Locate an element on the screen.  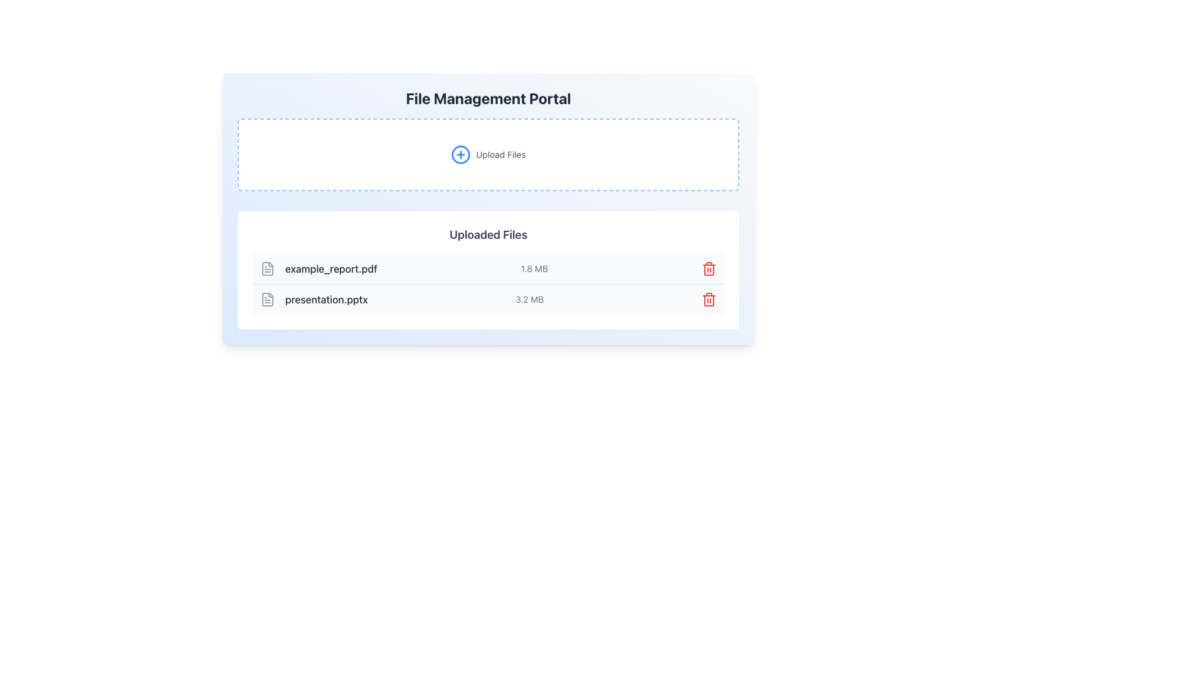
the delete button associated with the 'example_report.pdf' file entry is located at coordinates (709, 268).